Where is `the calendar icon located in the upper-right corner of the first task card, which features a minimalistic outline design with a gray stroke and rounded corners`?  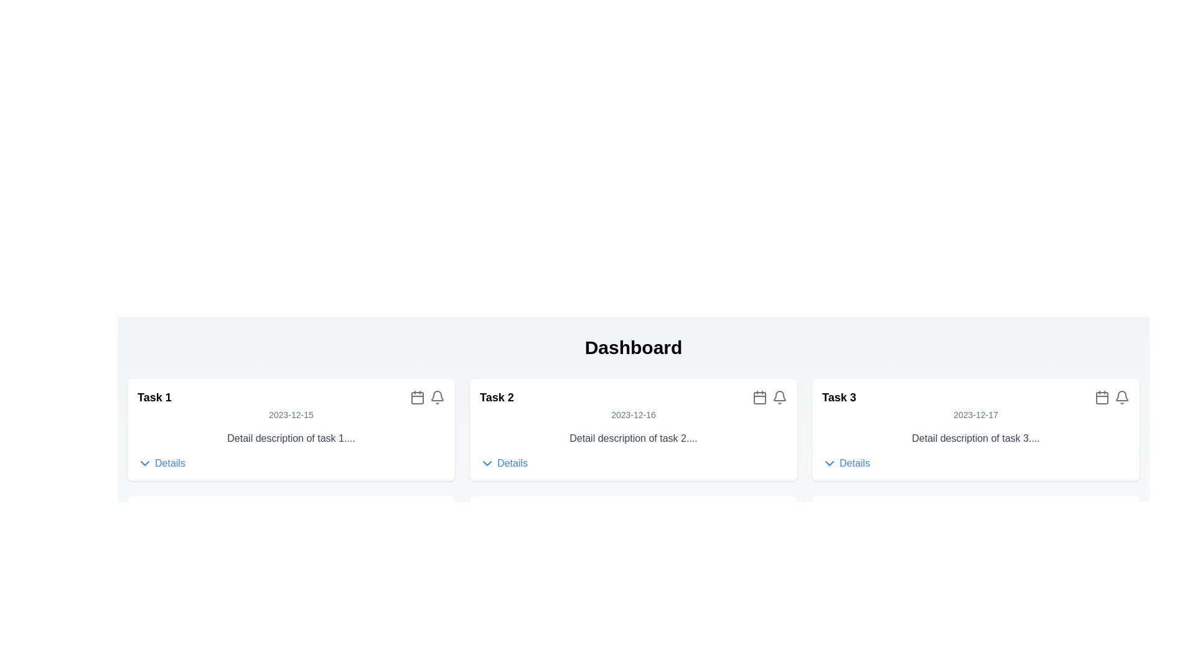 the calendar icon located in the upper-right corner of the first task card, which features a minimalistic outline design with a gray stroke and rounded corners is located at coordinates (418, 398).